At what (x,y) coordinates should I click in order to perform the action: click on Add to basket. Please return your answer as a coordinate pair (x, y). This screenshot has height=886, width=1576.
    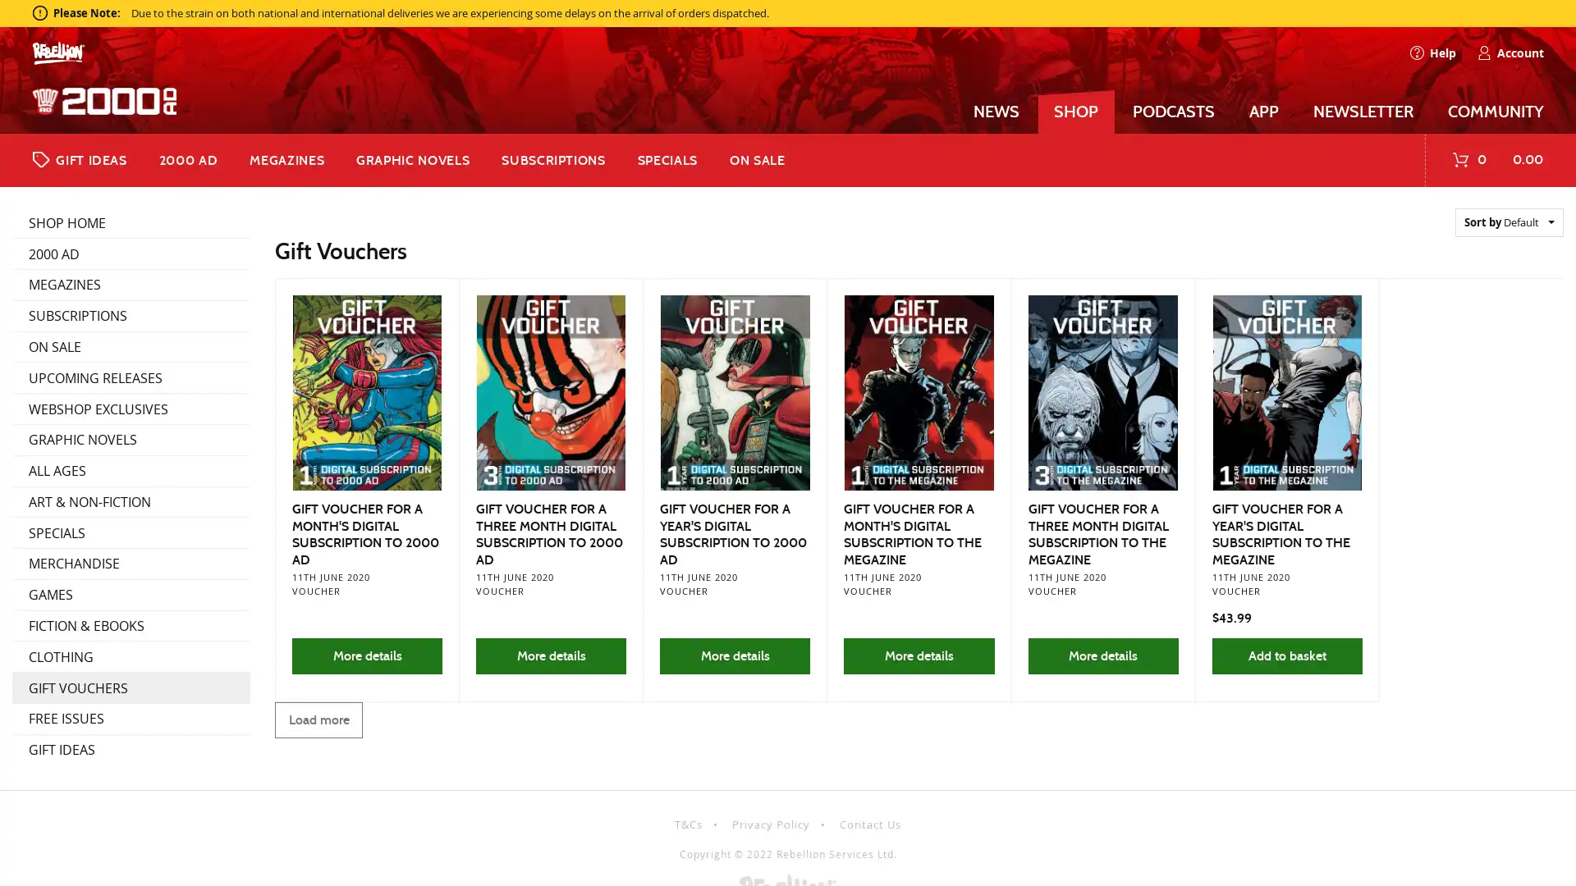
    Looking at the image, I should click on (1285, 655).